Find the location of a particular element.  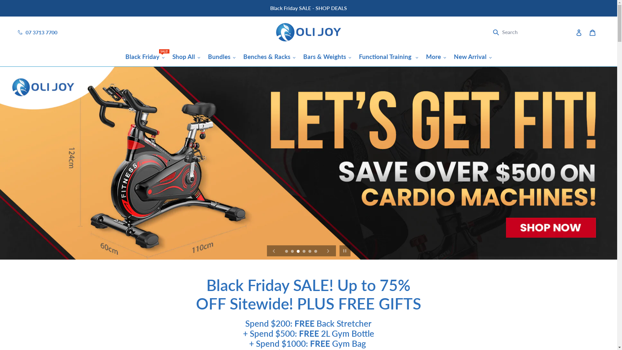

'07 3713 7700' is located at coordinates (25, 32).